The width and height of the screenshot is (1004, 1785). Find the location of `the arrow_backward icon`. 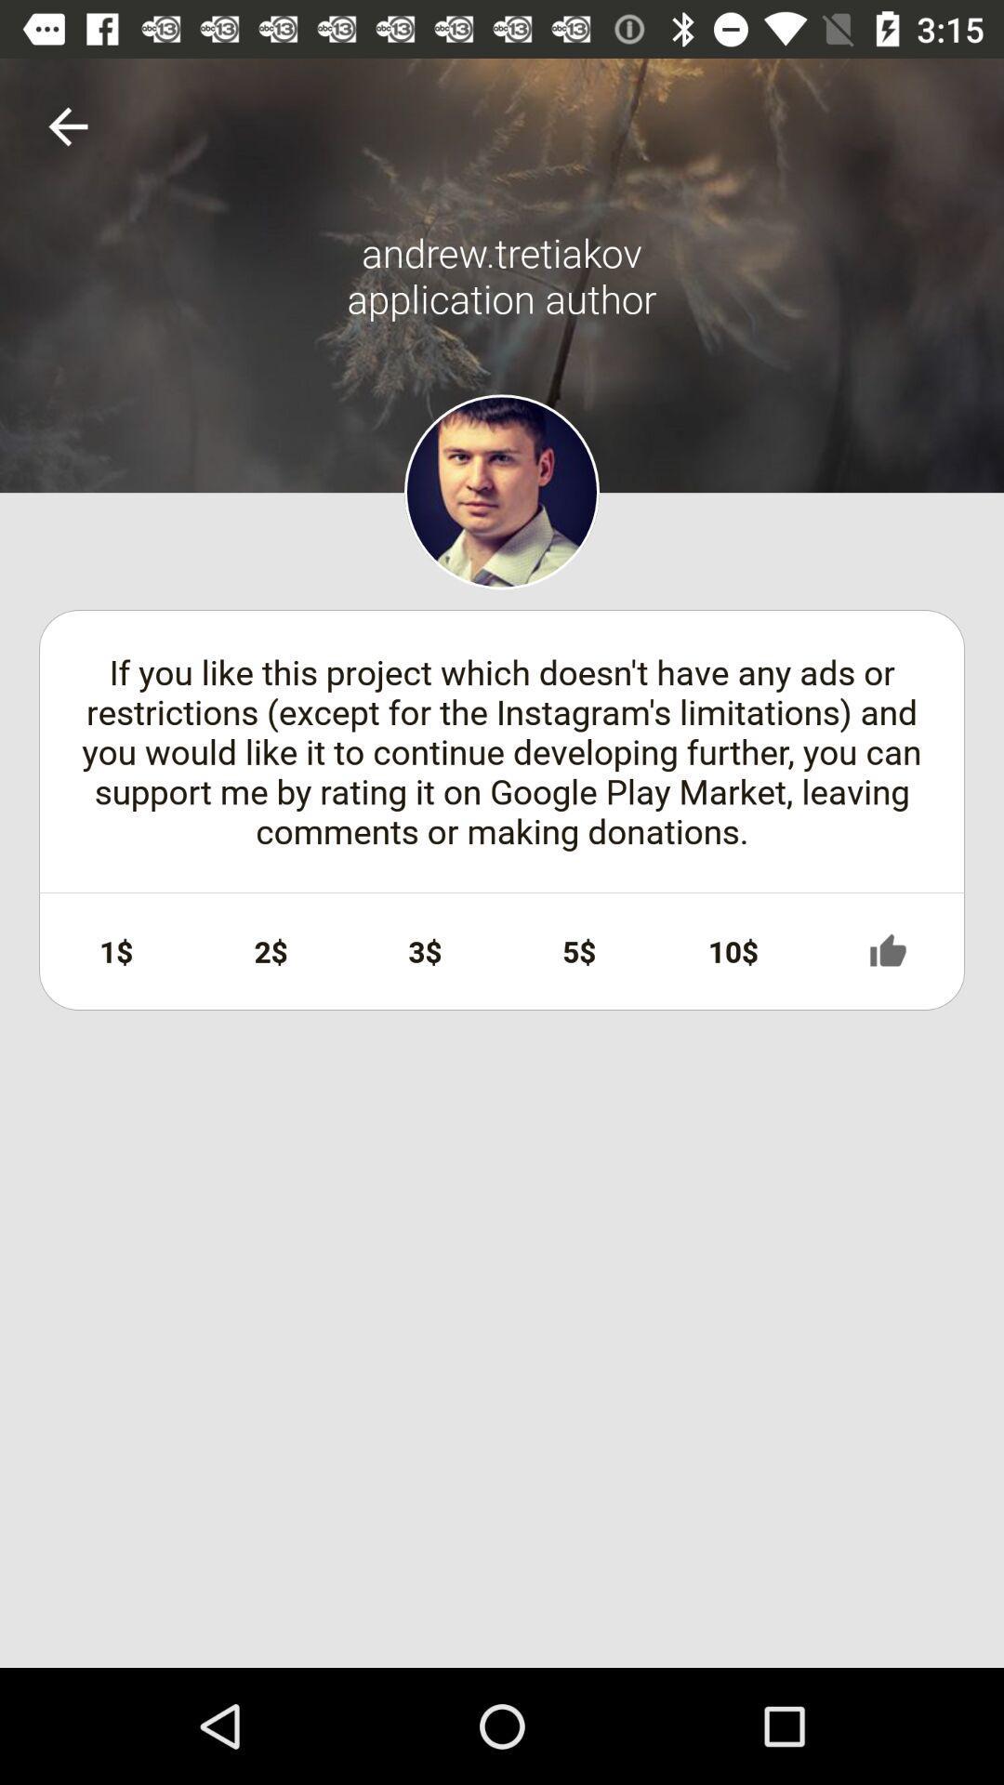

the arrow_backward icon is located at coordinates (67, 126).